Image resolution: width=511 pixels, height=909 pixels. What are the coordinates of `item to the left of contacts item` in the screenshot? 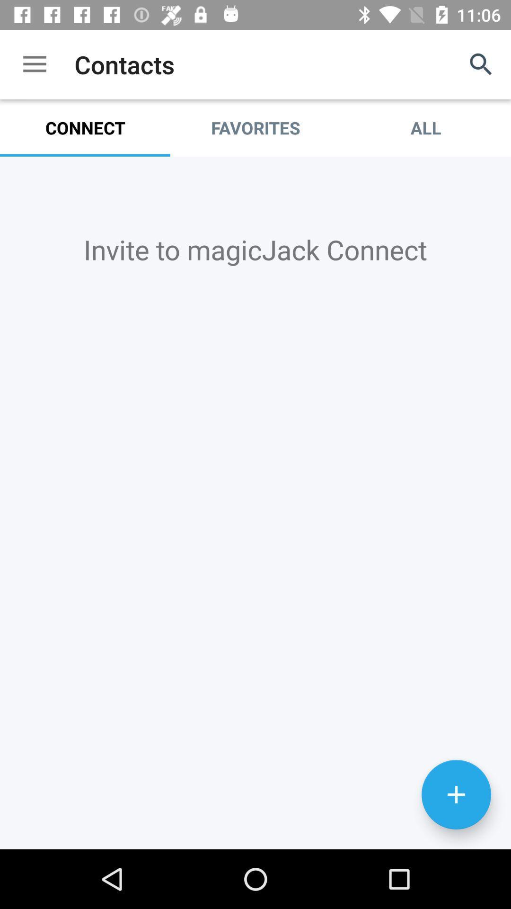 It's located at (34, 64).